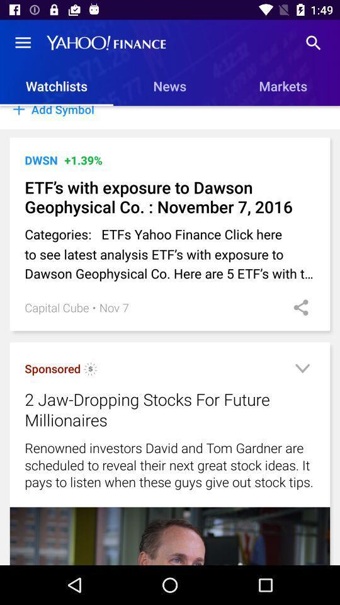 This screenshot has height=605, width=340. I want to click on open menu, so click(302, 371).